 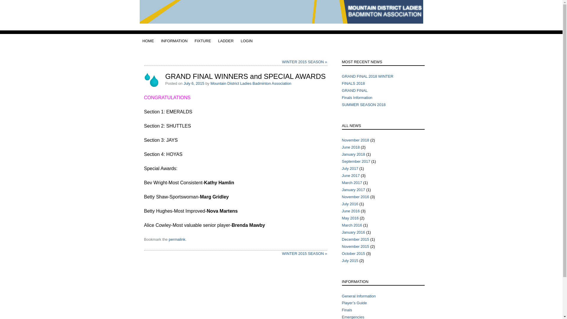 I want to click on 'October 2015', so click(x=353, y=253).